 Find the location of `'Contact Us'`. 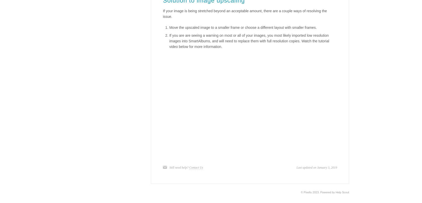

'Contact Us' is located at coordinates (196, 168).